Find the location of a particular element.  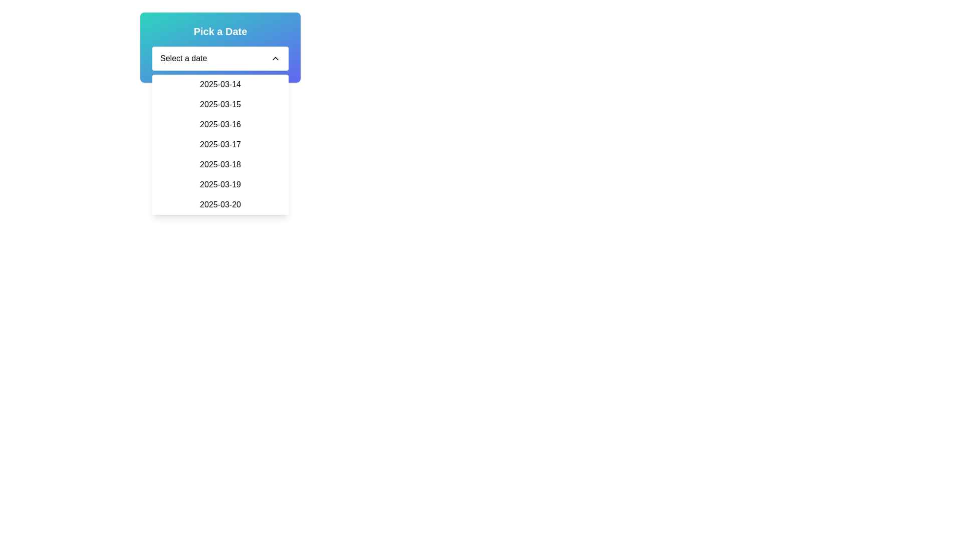

the dropdown menu element located within the card widget is located at coordinates (220, 58).